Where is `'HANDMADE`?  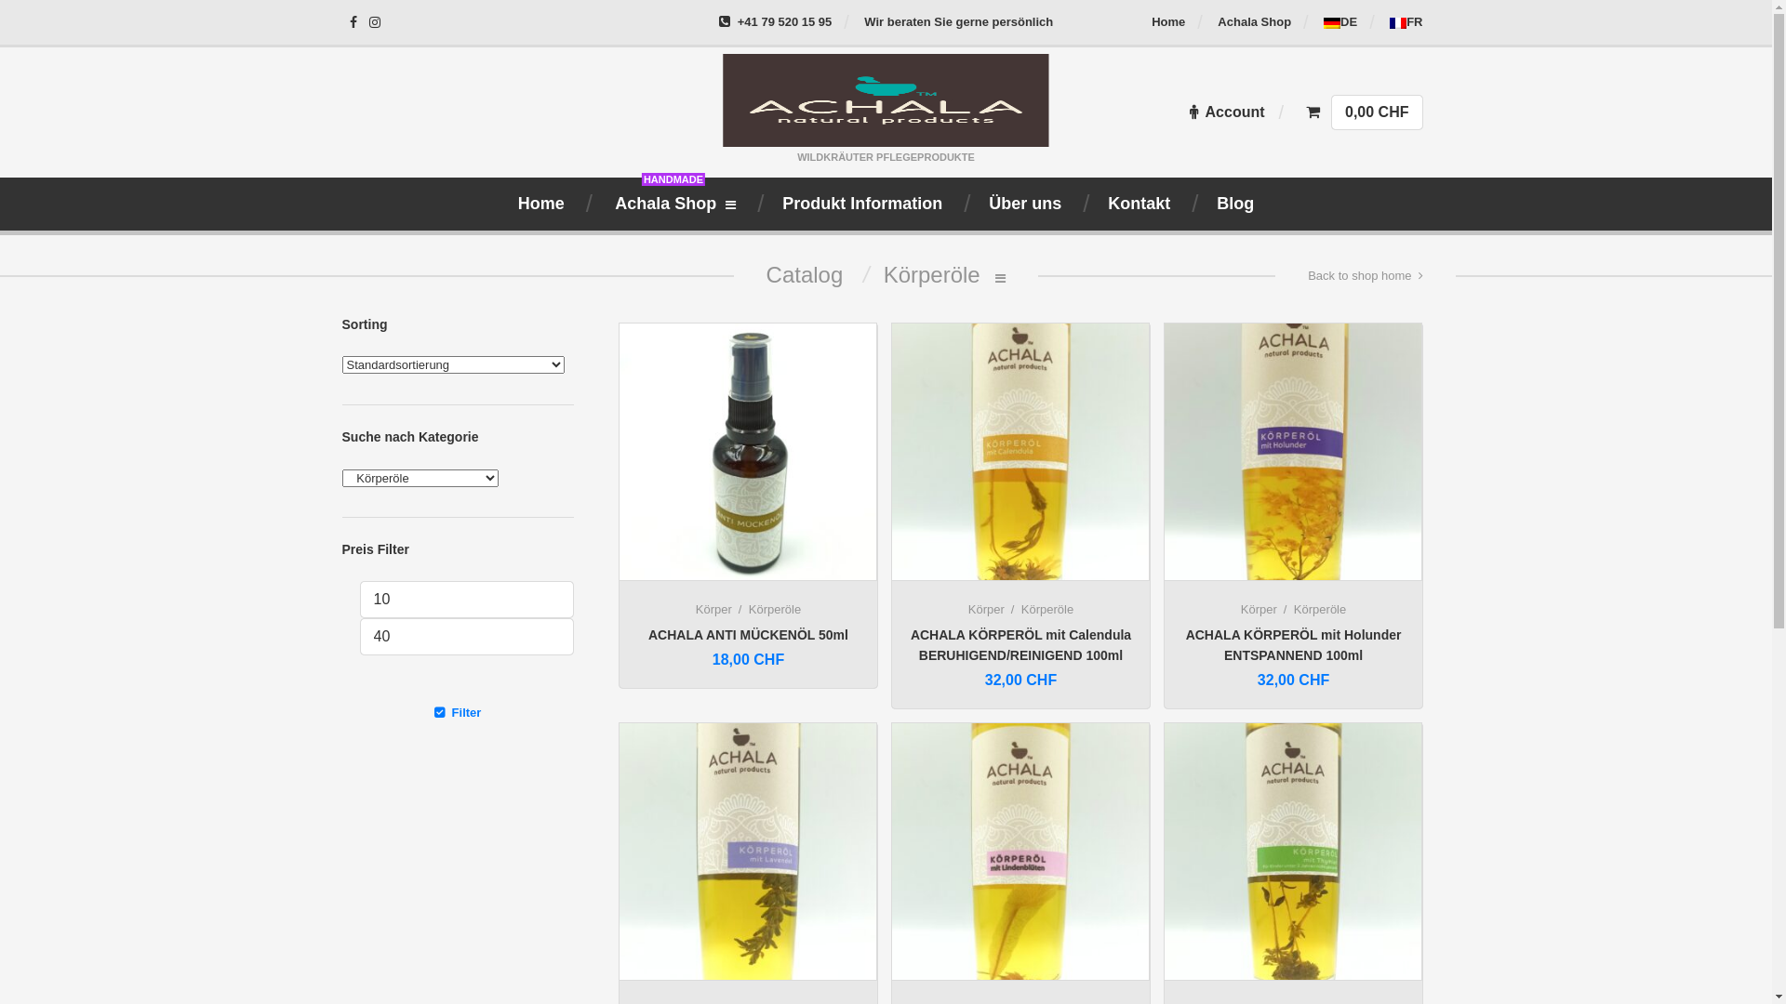
'HANDMADE is located at coordinates (673, 204).